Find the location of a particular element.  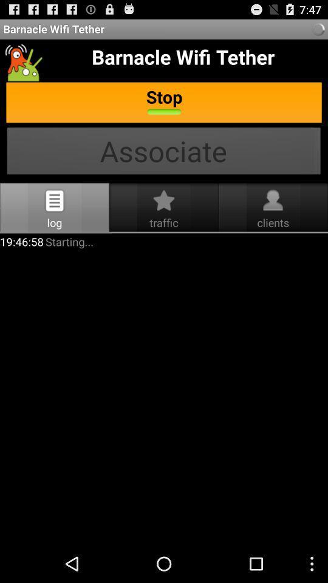

the text which reads associate is located at coordinates (164, 152).